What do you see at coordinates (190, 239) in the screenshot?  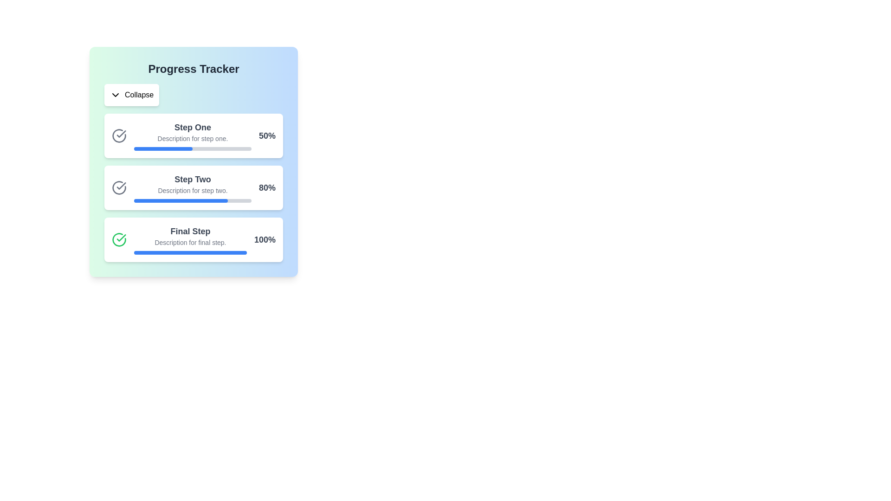 I see `the text block titled 'Final Step', which contains a bold title and a subtitle, positioned below the progress step 'Step Two'` at bounding box center [190, 239].